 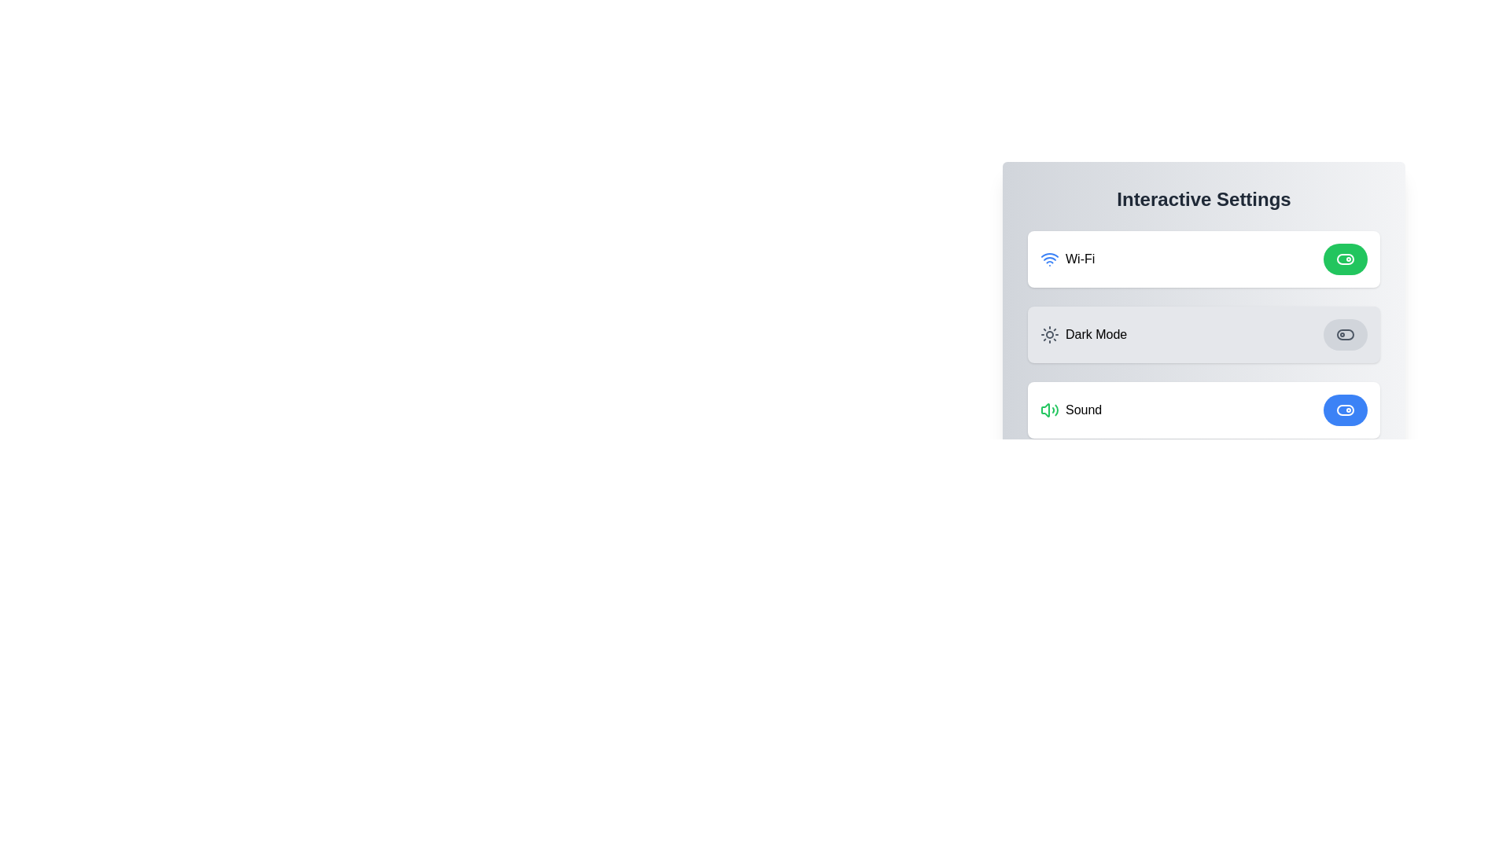 I want to click on the blue Wi-Fi icon labeled 'Wi-Fi' in the 'Interactive Settings' menu, which is the first item in the list of settings options, so click(x=1067, y=259).